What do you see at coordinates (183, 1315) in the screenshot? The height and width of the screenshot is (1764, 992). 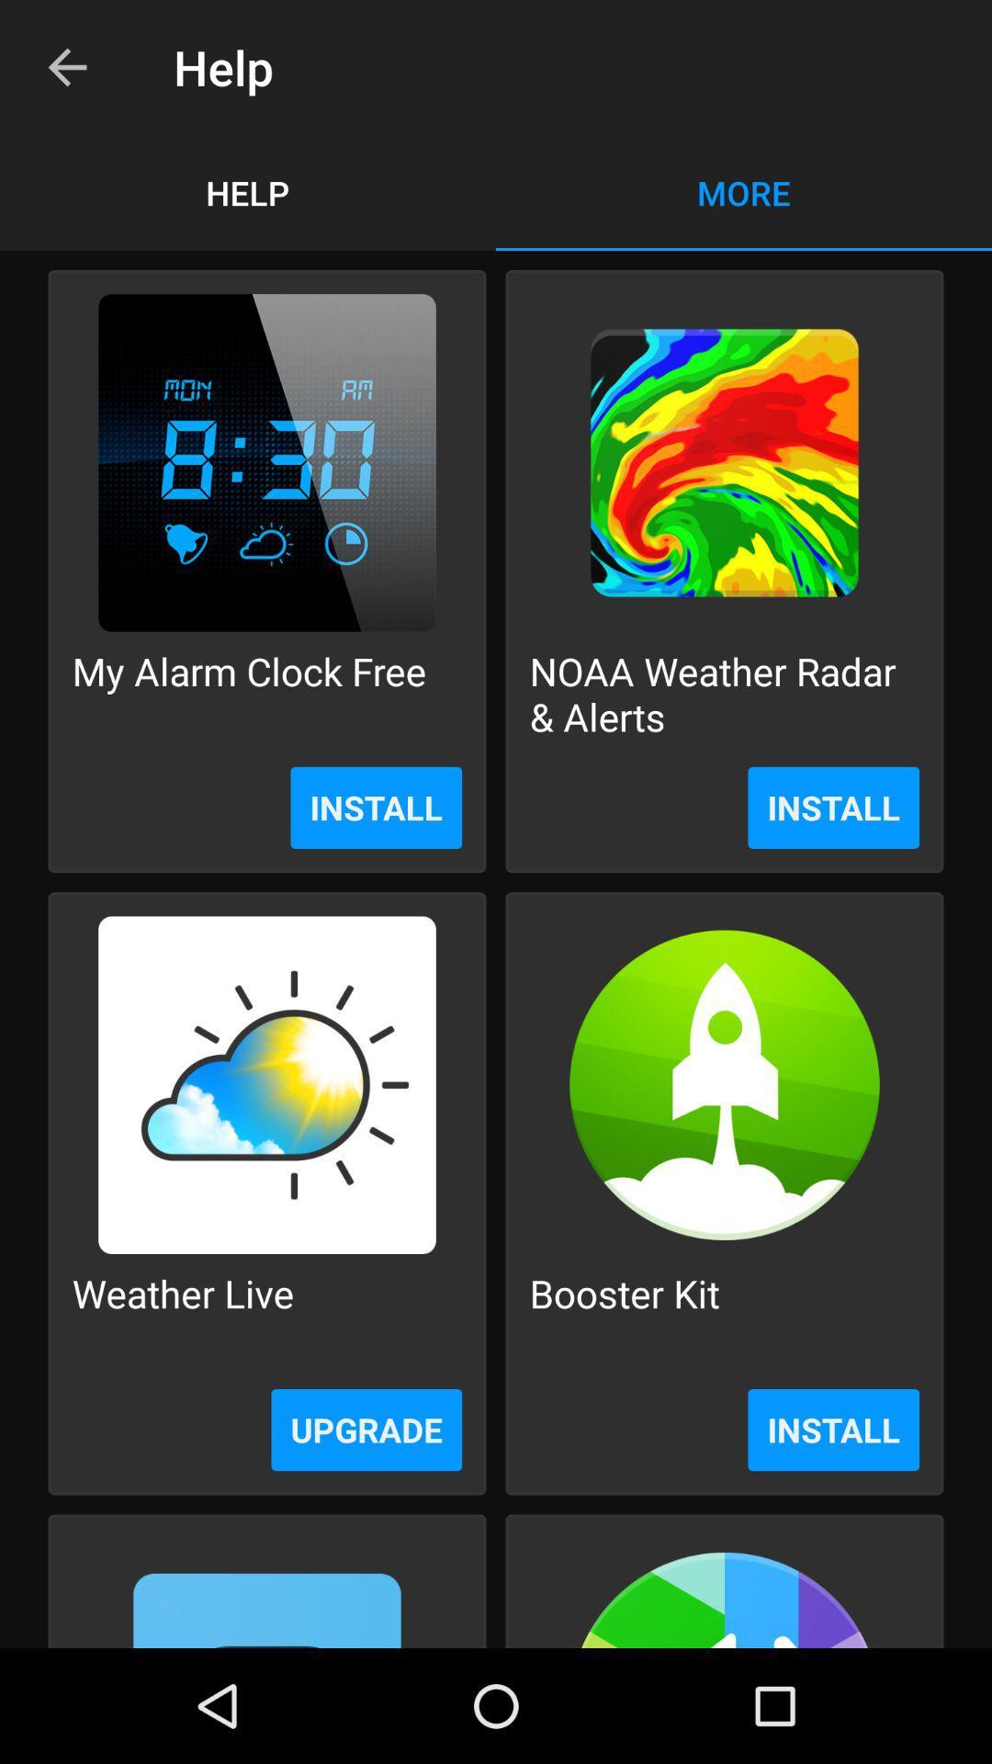 I see `icon next to booster kit icon` at bounding box center [183, 1315].